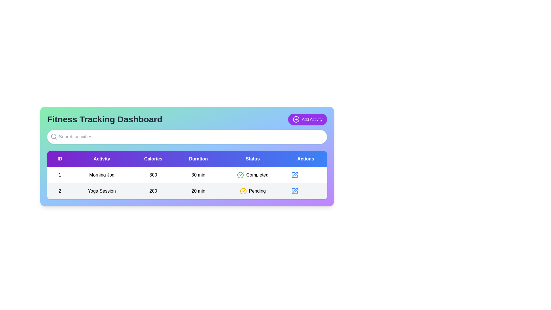  Describe the element at coordinates (102, 191) in the screenshot. I see `the static text label representing the activity name in the second row under the 'Activity' column of the fitness tracking table` at that location.